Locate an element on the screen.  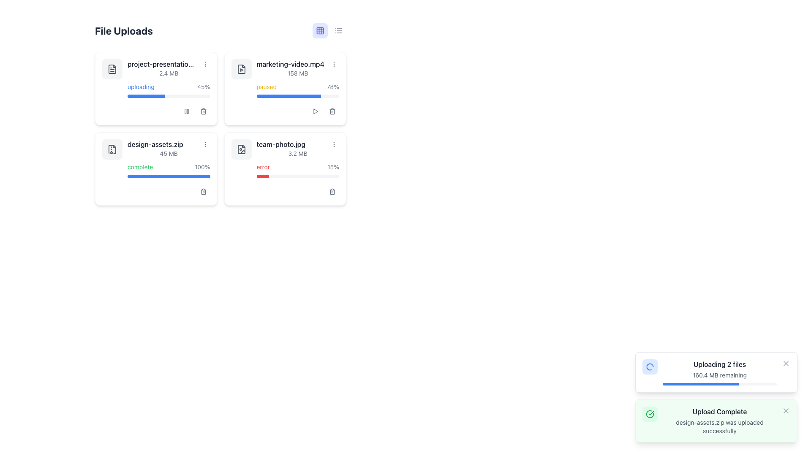
the cross-shaped icon in the top-right corner of the status notification panel is located at coordinates (786, 363).